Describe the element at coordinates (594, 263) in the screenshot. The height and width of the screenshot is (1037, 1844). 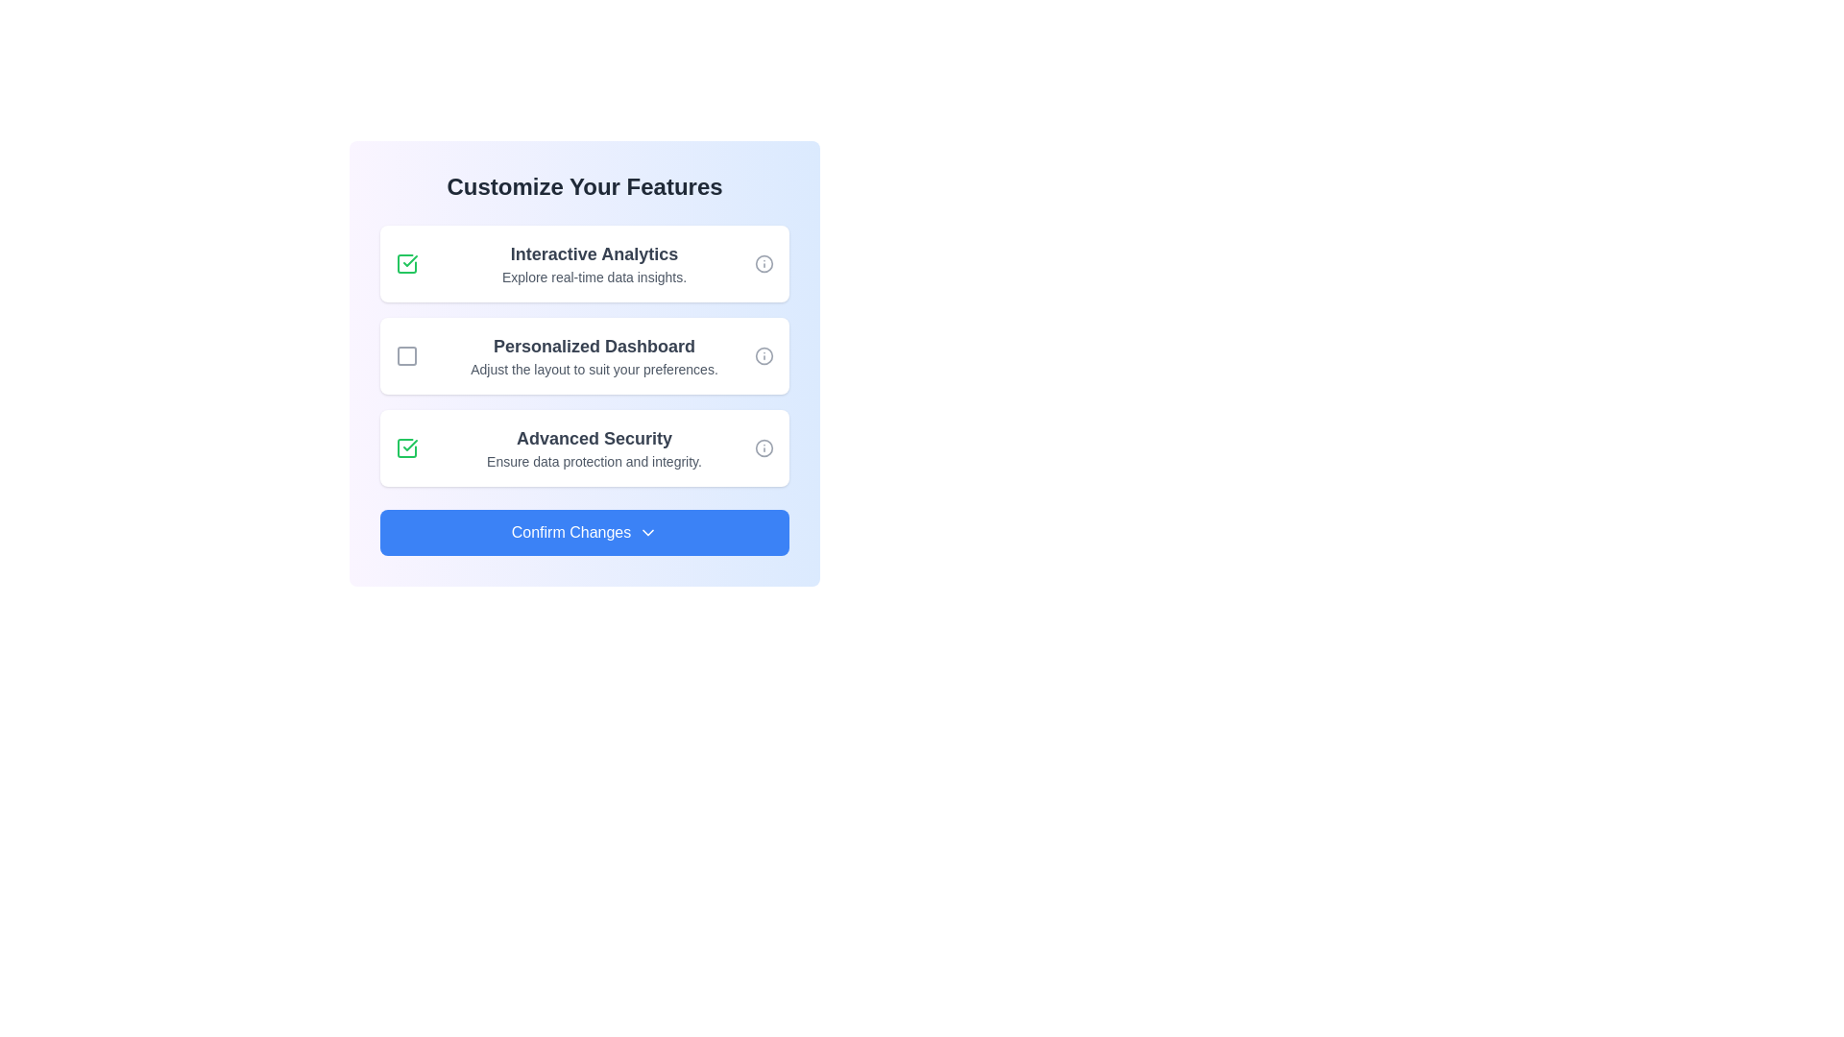
I see `the Text display component that provides a description of the 'Interactive Analytics' feature, located in the first row of the features list within a white box, following a checkbox and preceding an information icon` at that location.